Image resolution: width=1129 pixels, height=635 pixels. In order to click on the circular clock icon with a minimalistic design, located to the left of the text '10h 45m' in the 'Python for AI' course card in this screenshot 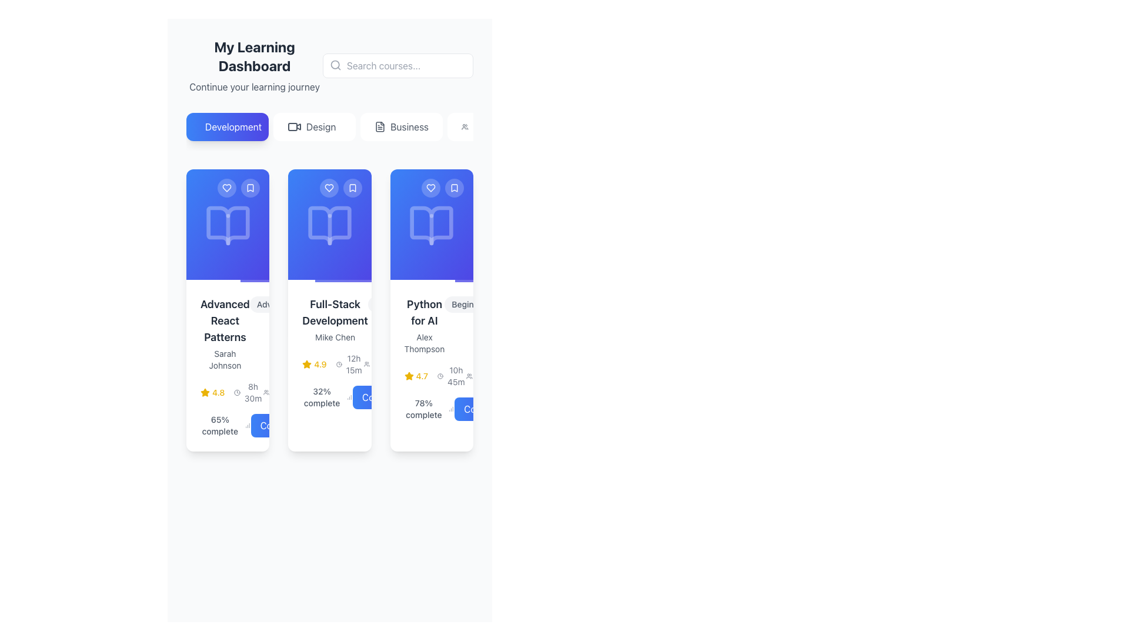, I will do `click(440, 376)`.